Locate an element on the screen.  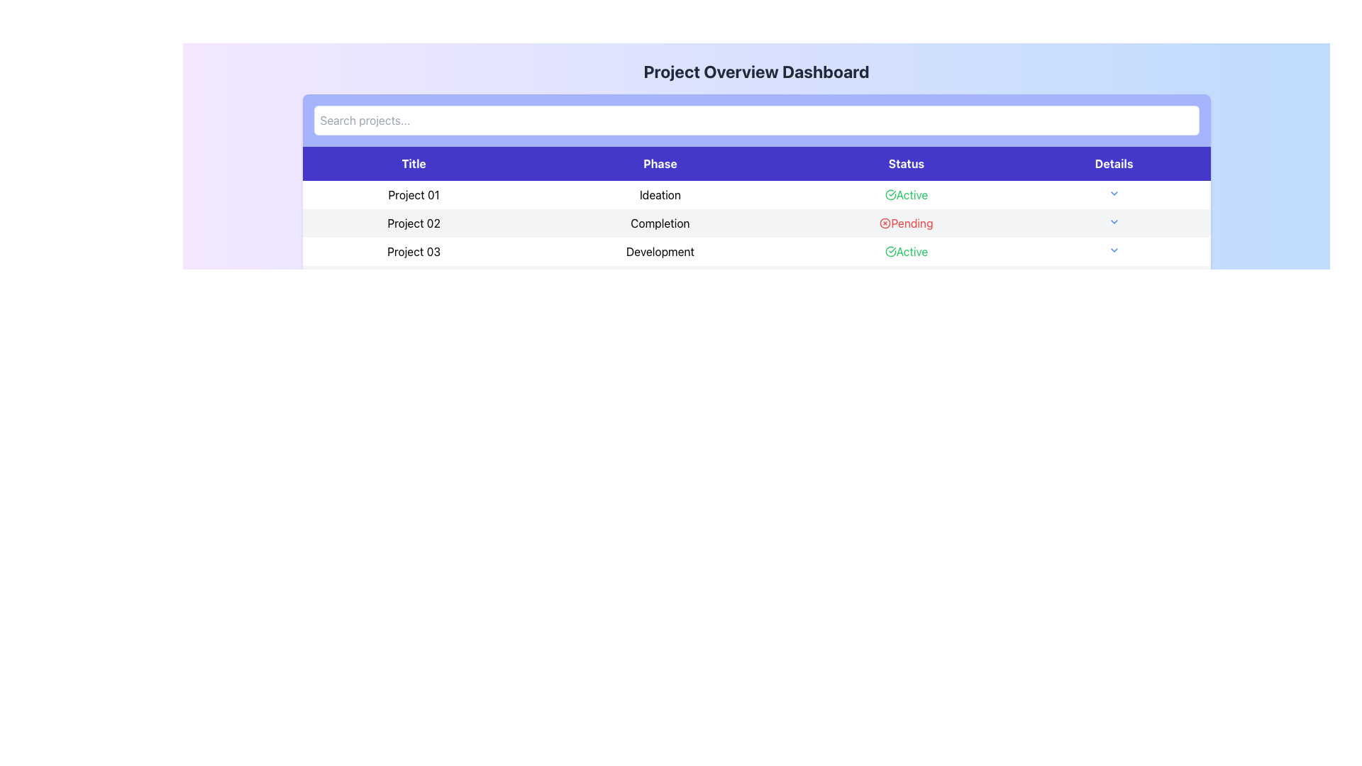
the static text label that displays 'Title' in bold white font on a solid blue background, located at the far left of the column headers in the tabular layout is located at coordinates (413, 163).